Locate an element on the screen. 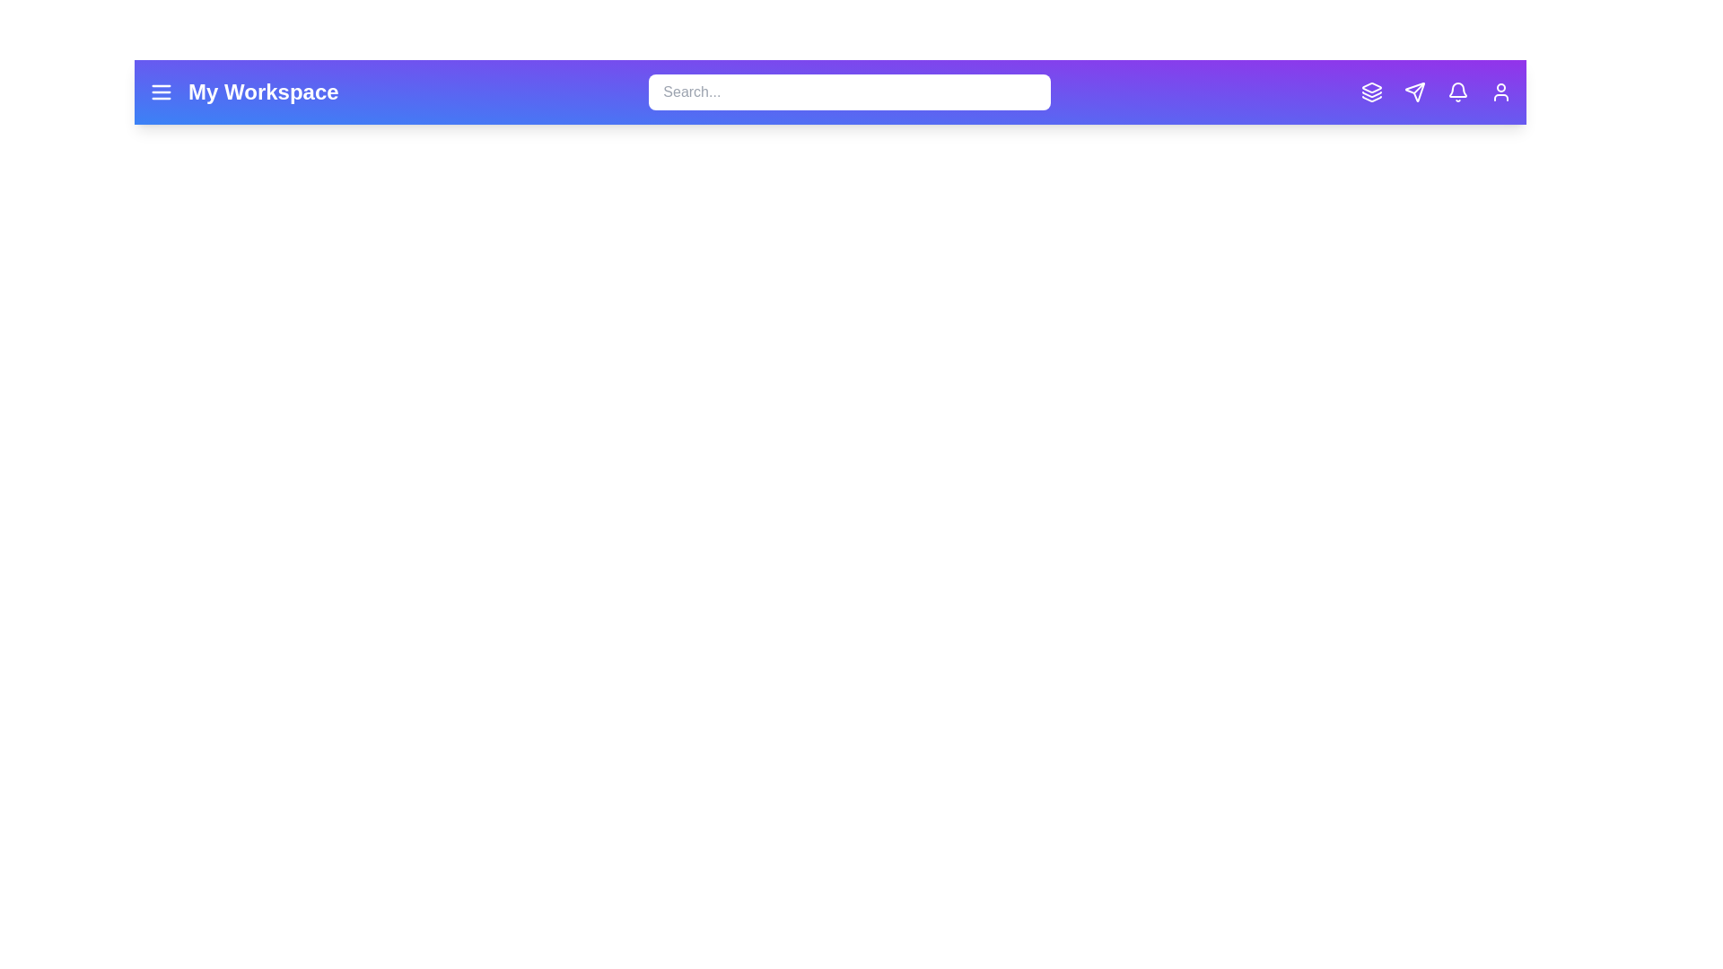 Image resolution: width=1723 pixels, height=969 pixels. the navigation icon Notifications is located at coordinates (1458, 92).